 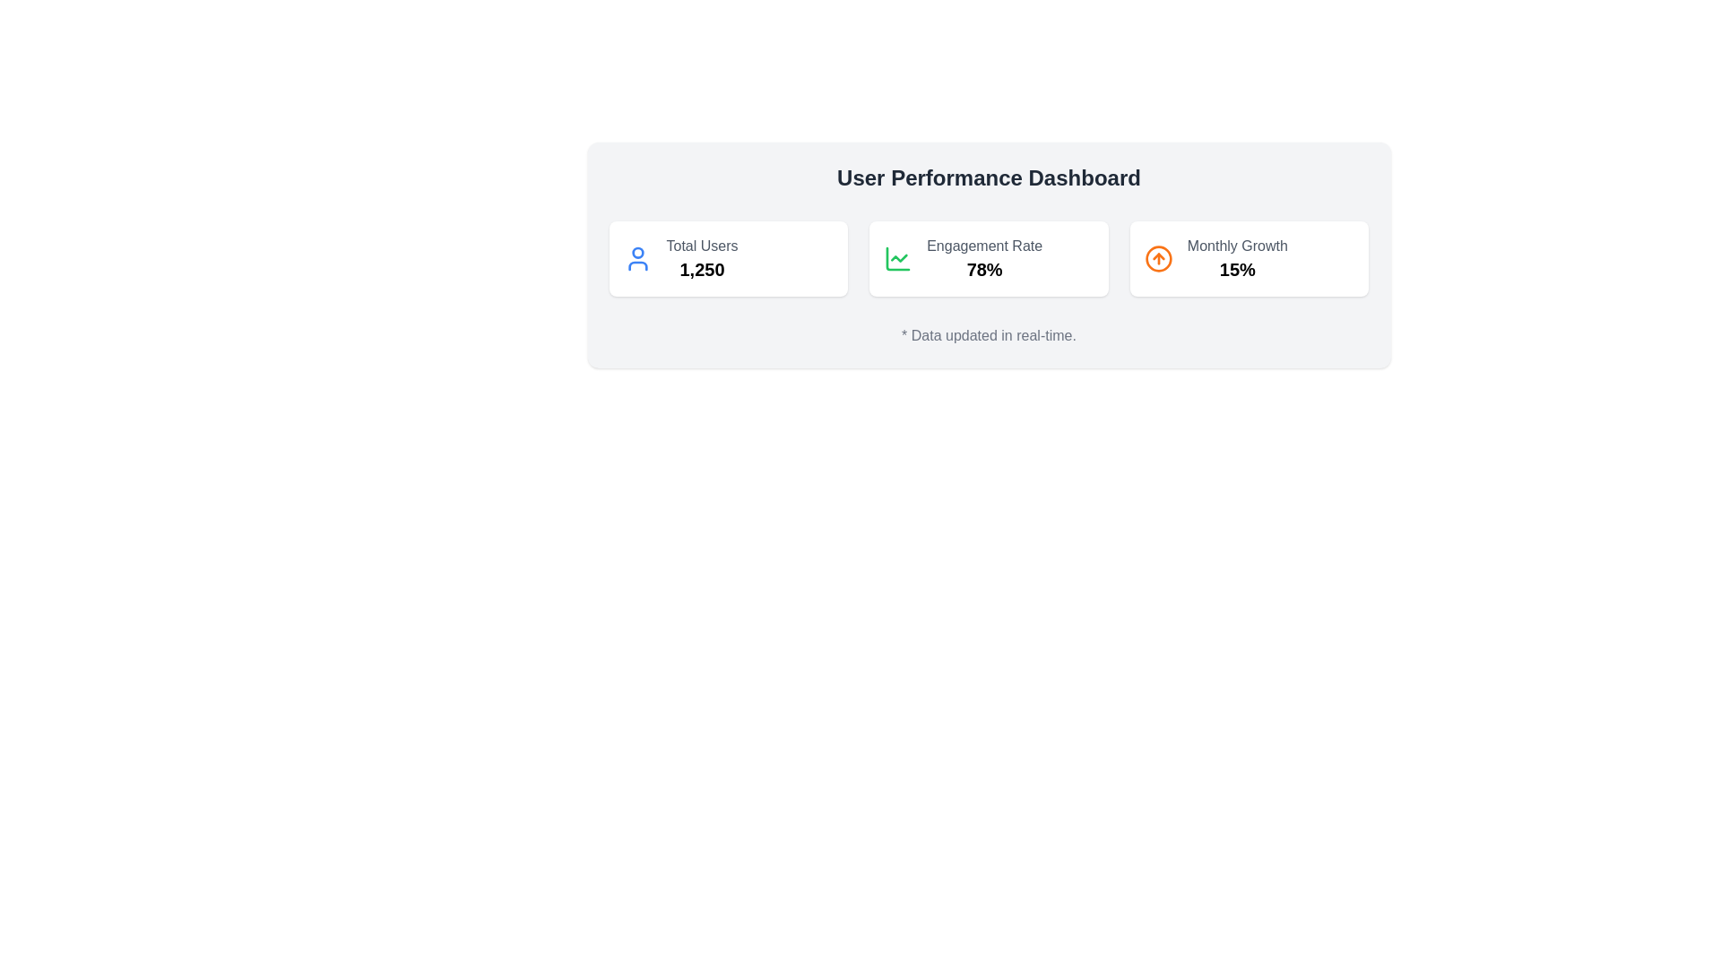 What do you see at coordinates (701, 259) in the screenshot?
I see `the static informational label or panel displaying the total number of users, located in the top-left portion of the dashboard interface, adjacent to a user icon` at bounding box center [701, 259].